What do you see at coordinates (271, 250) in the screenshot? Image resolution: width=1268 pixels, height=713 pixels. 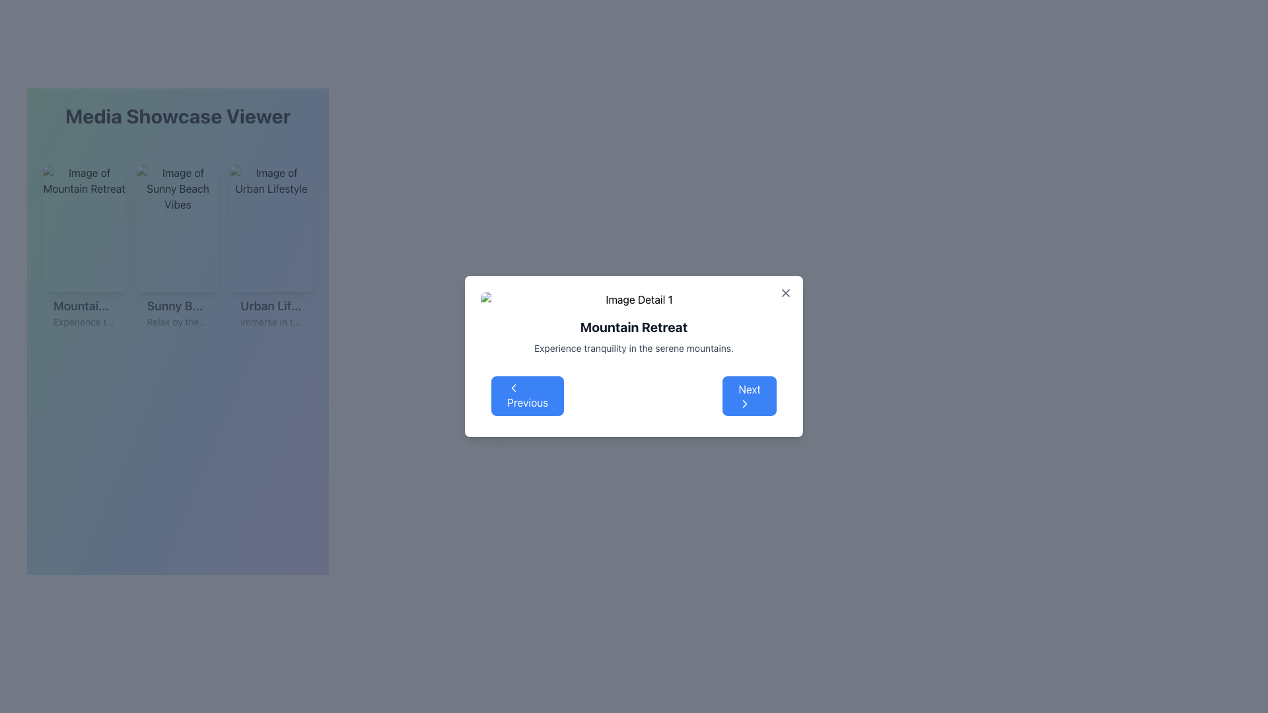 I see `the 'Urban Lifestyle' card located in the Media Showcase Viewer` at bounding box center [271, 250].